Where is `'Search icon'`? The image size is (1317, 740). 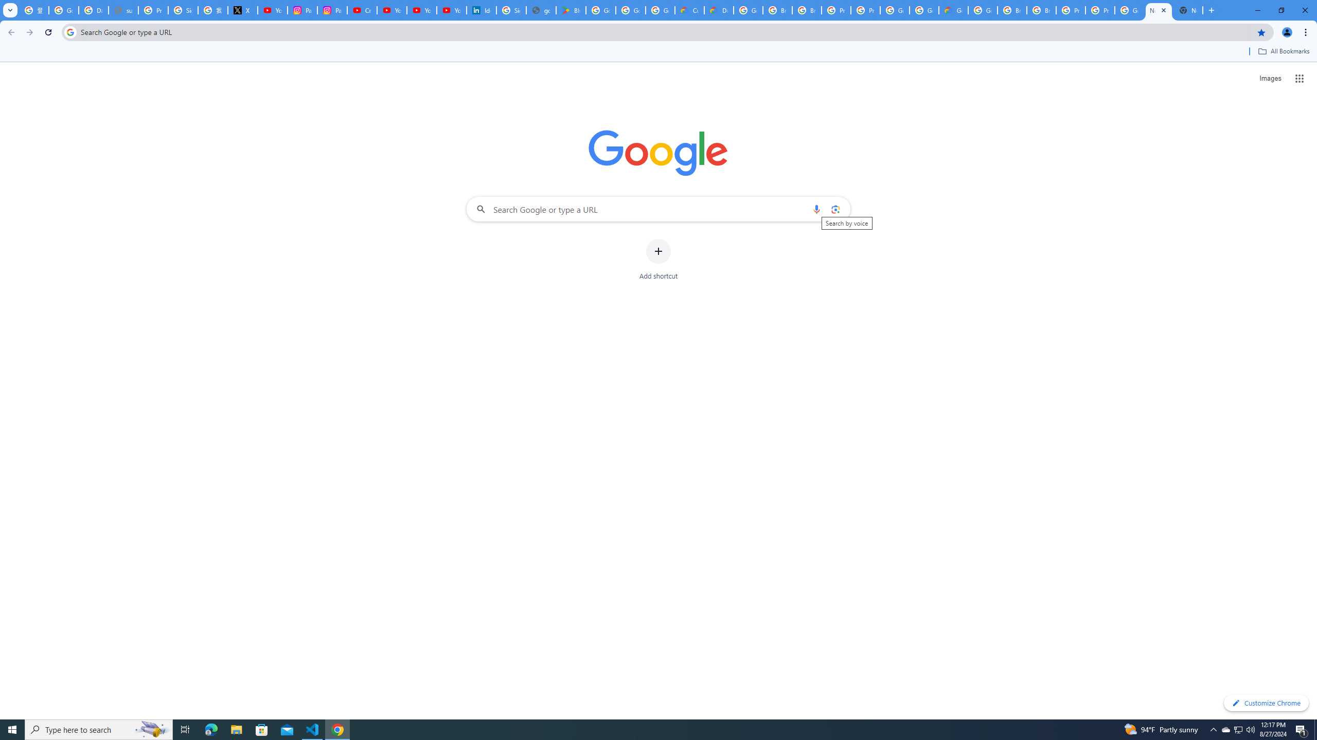 'Search icon' is located at coordinates (69, 31).